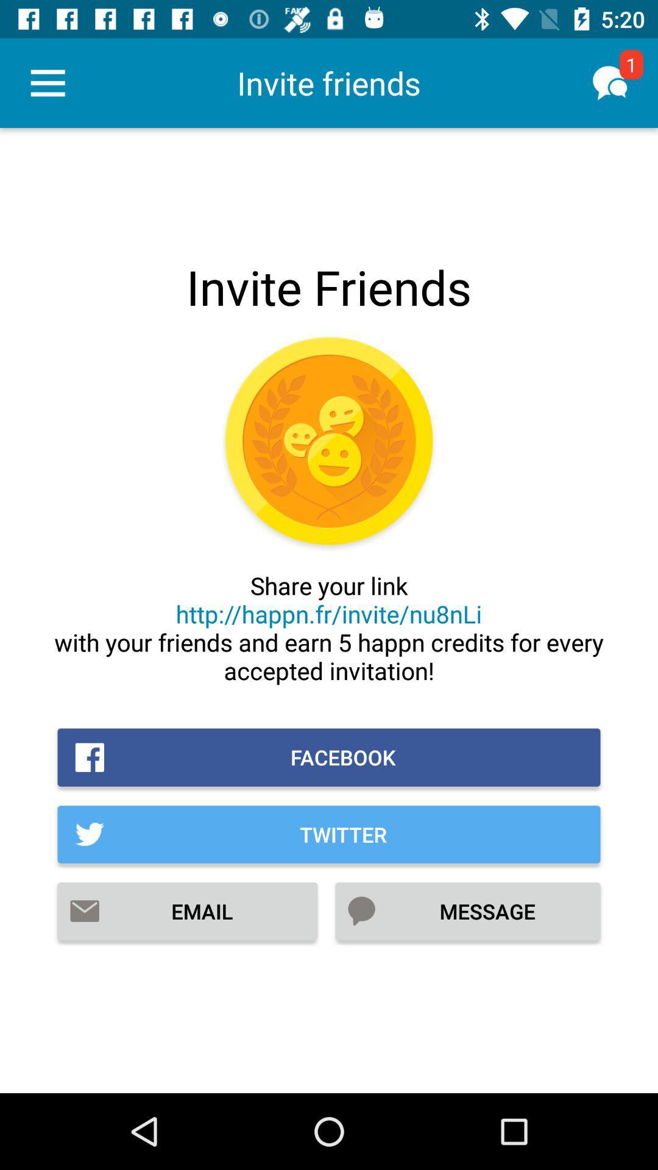 This screenshot has width=658, height=1170. Describe the element at coordinates (329, 834) in the screenshot. I see `the twitter icon` at that location.